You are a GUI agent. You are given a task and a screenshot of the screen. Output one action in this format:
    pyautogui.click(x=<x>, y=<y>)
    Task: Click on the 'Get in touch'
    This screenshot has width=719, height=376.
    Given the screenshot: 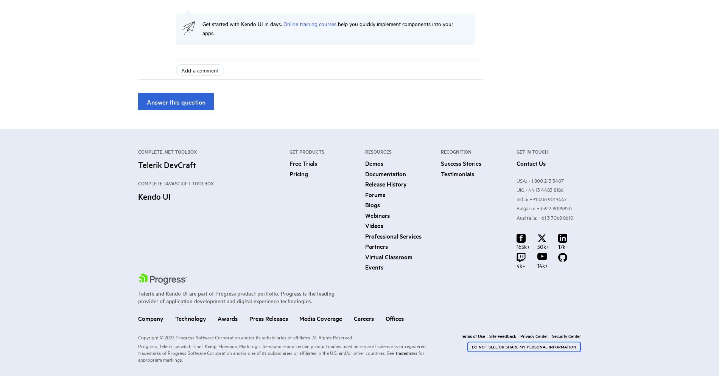 What is the action you would take?
    pyautogui.click(x=532, y=151)
    